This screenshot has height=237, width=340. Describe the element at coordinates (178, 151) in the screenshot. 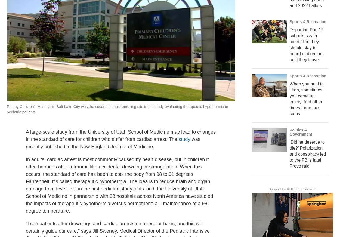

I see `'study'` at that location.